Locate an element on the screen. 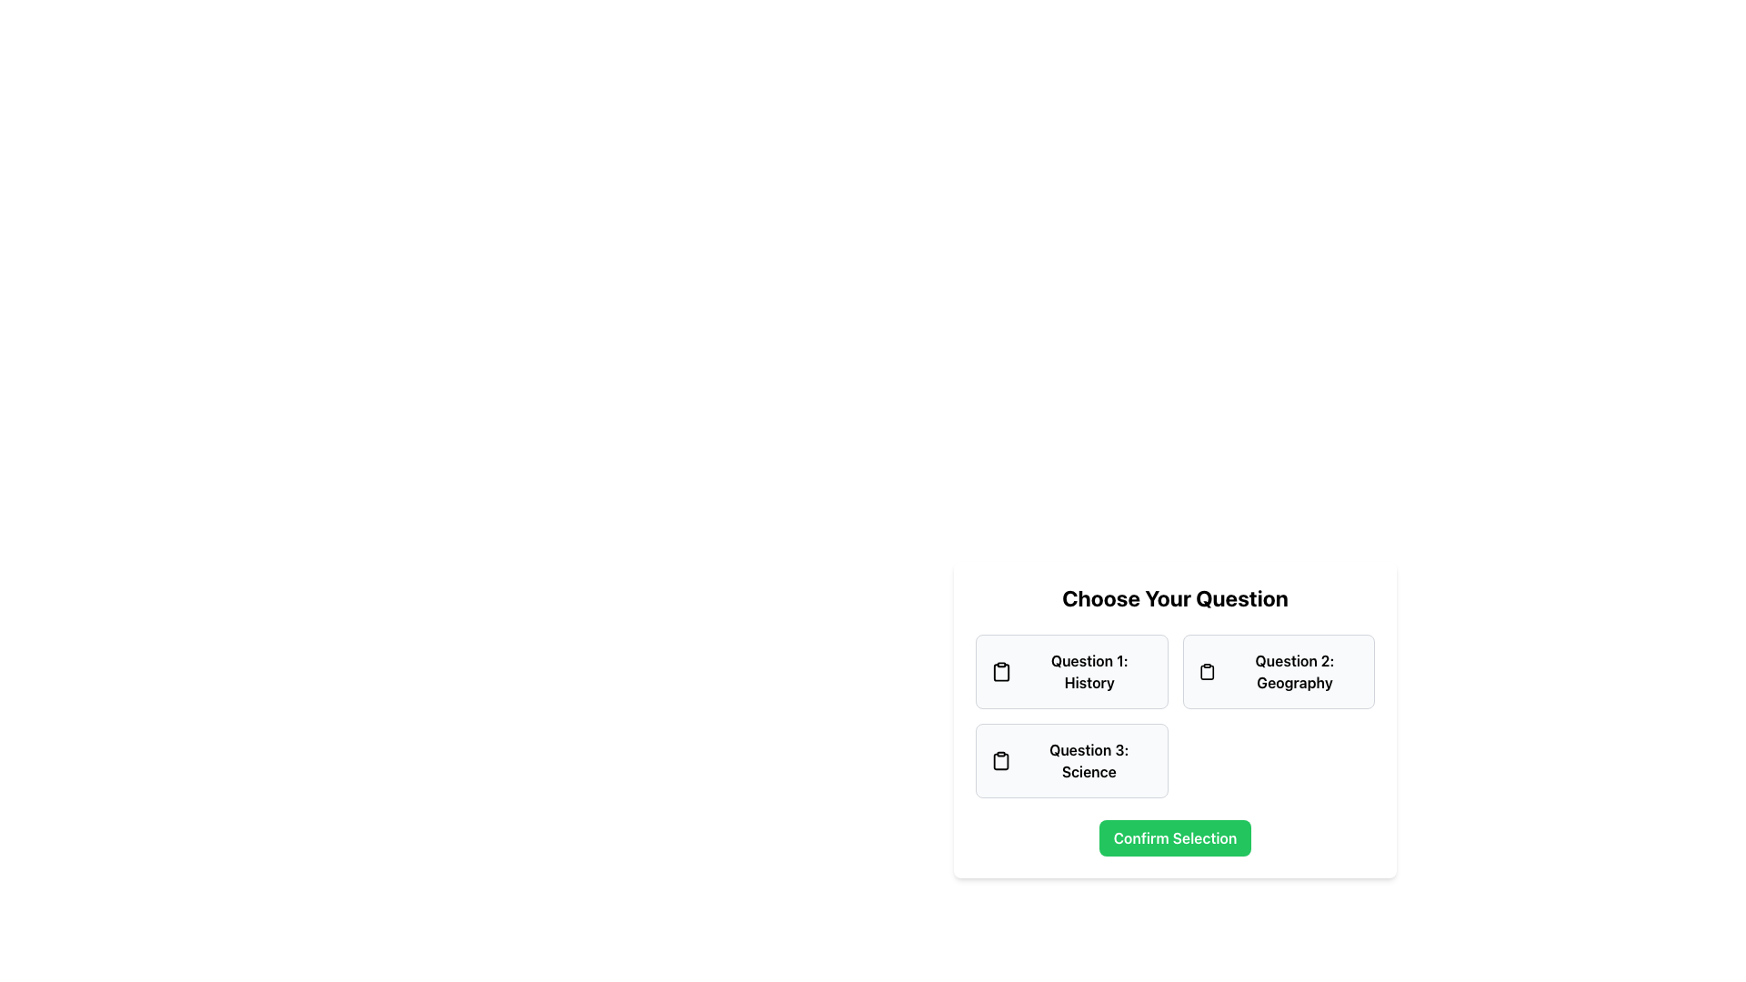 This screenshot has height=982, width=1746. the clipboard icon within the 'Science' option in the 'Choose Your Question' dialog, which is associated with the 'Question 3: Science' button is located at coordinates (1000, 761).